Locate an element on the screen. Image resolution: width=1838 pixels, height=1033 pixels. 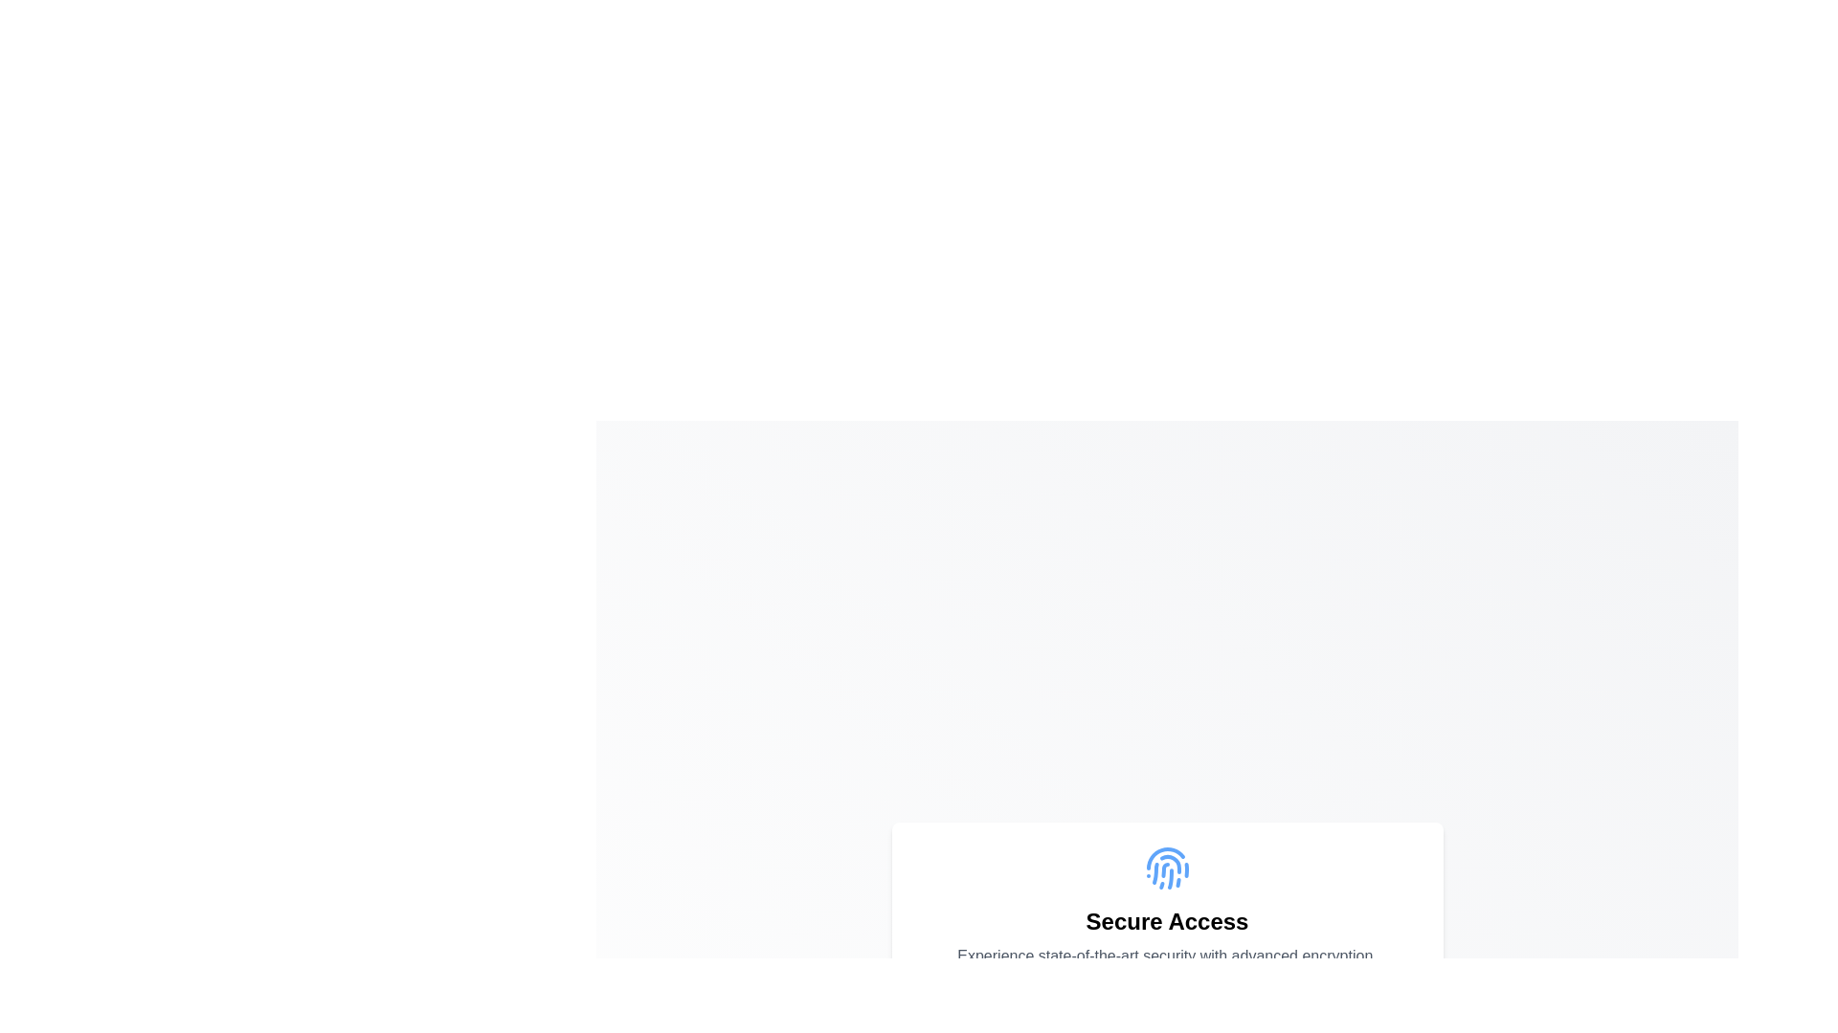
the static text block providing descriptive information about the security features, located below the 'Secure Access' text and above the 'Previous' and 'Next' buttons is located at coordinates (1166, 956).